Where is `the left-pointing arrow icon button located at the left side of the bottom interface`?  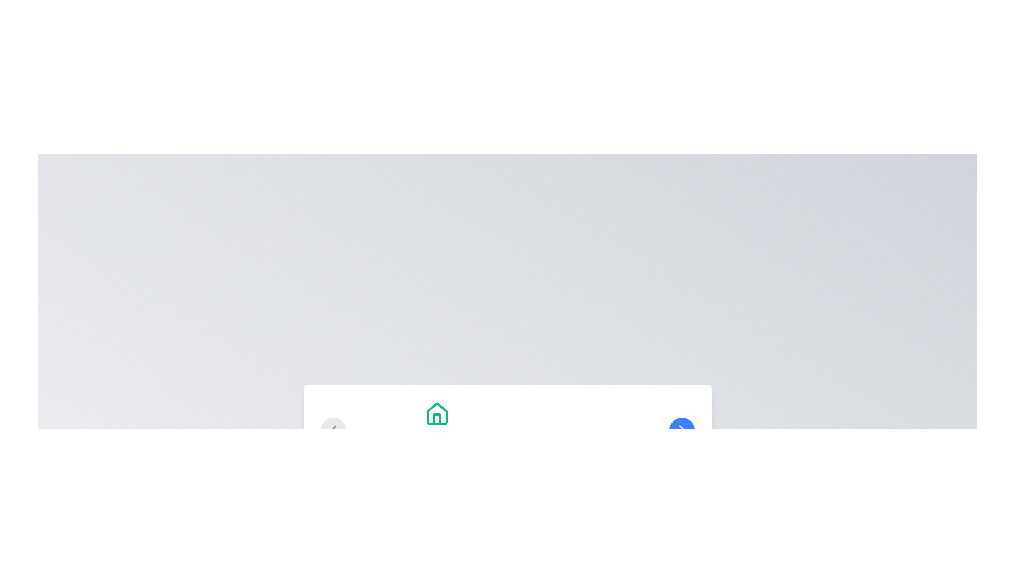 the left-pointing arrow icon button located at the left side of the bottom interface is located at coordinates (333, 430).